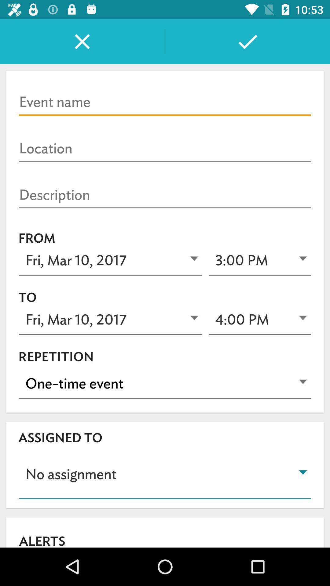  Describe the element at coordinates (165, 383) in the screenshot. I see `the one-time event icon` at that location.